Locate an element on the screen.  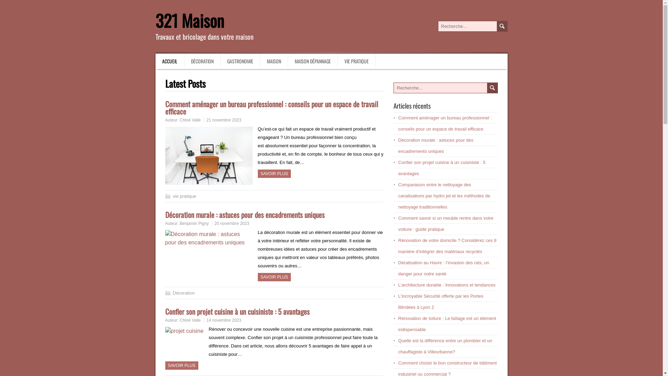
'ACCUEIL' is located at coordinates (169, 61).